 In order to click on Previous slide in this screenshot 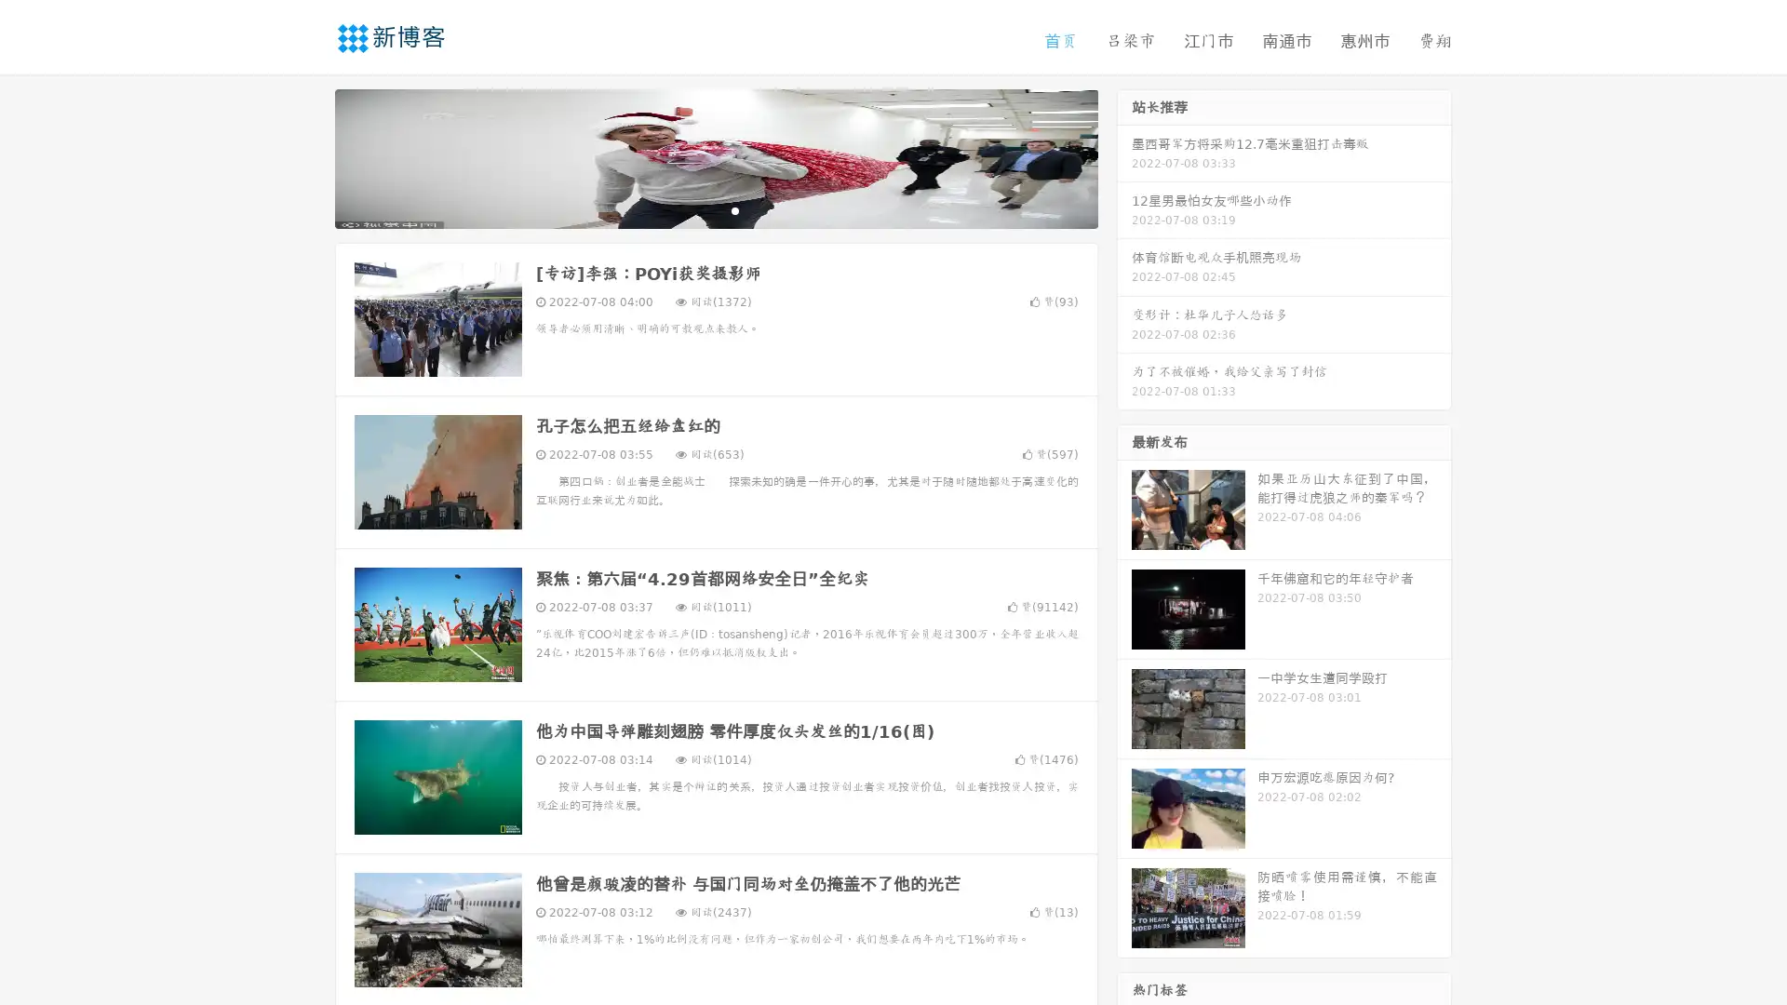, I will do `click(307, 156)`.